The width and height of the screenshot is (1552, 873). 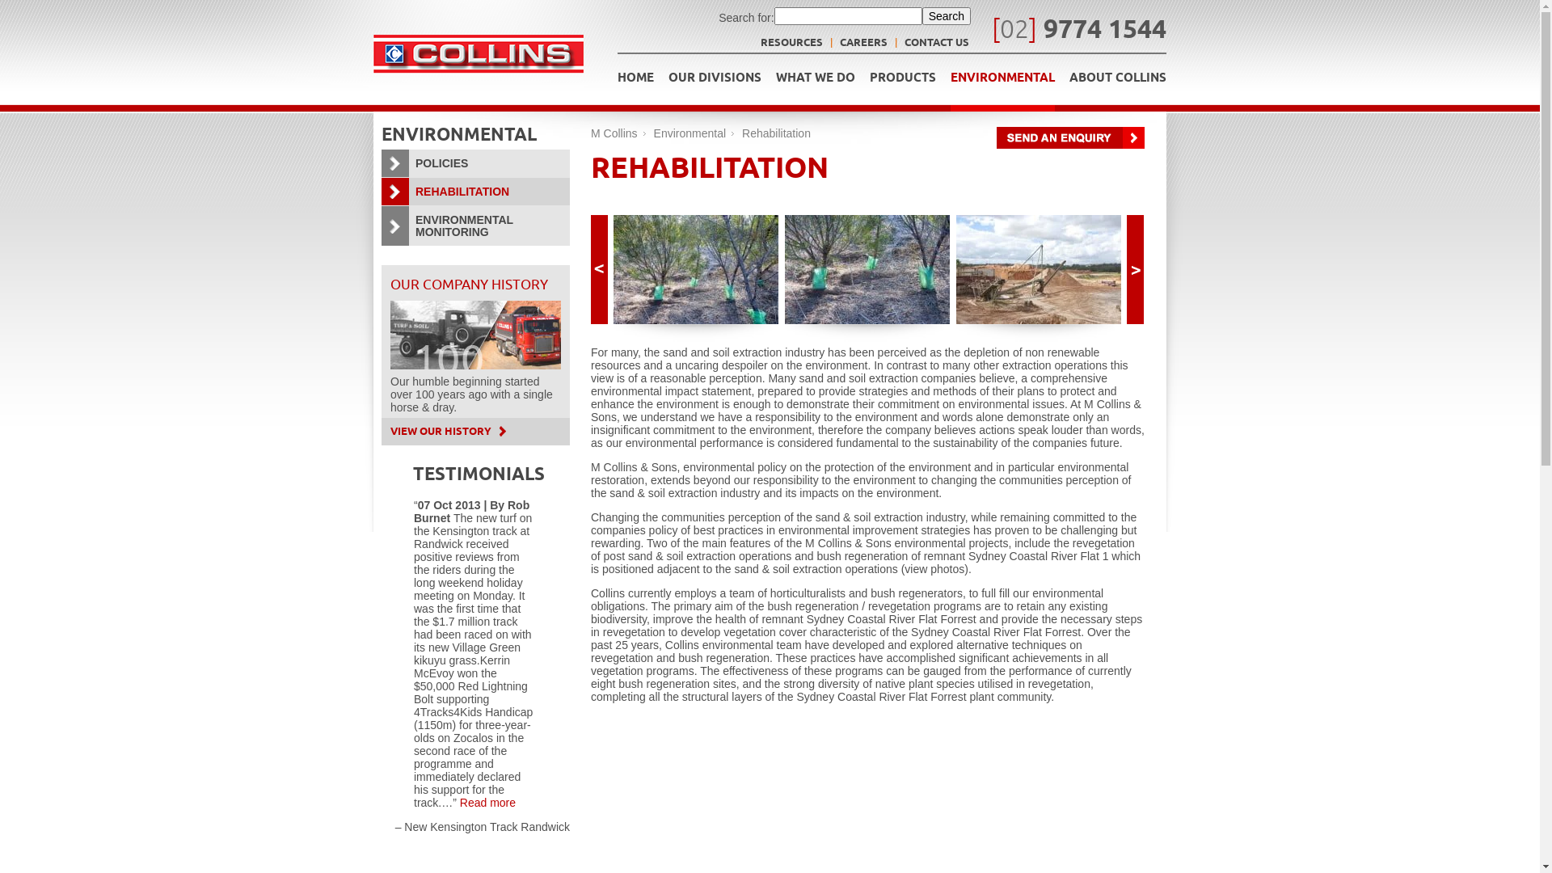 What do you see at coordinates (839, 43) in the screenshot?
I see `'CAREERS'` at bounding box center [839, 43].